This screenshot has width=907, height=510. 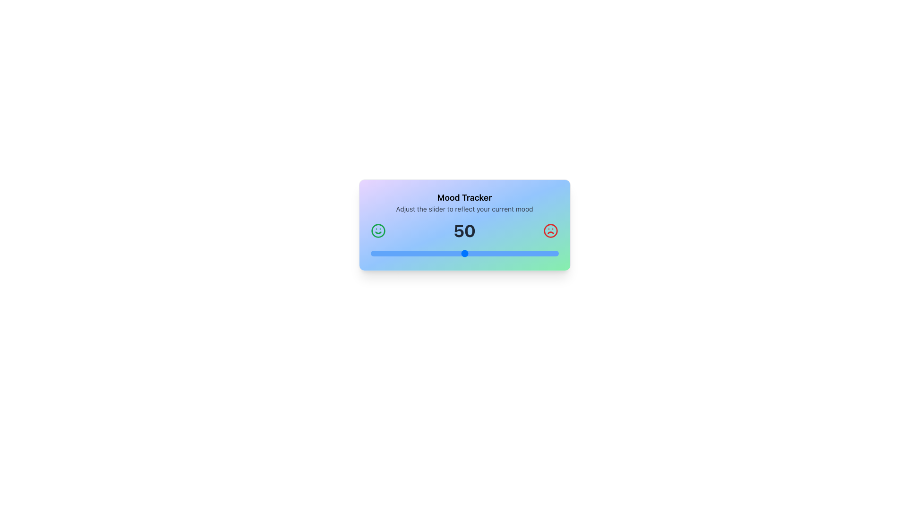 I want to click on the mood slider value, so click(x=376, y=253).